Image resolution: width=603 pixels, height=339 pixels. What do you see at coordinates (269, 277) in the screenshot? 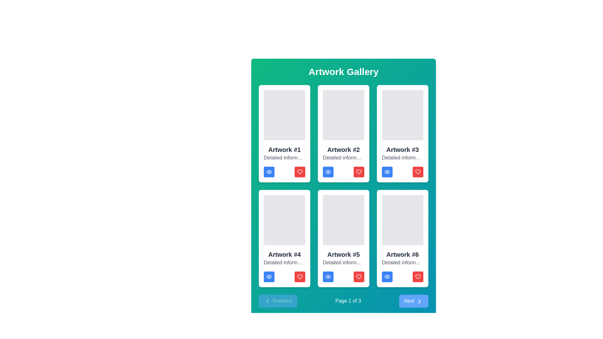
I see `the eye icon embedded within the interactive button located at the bottom-left of the 'Artwork #4' card to observe any tooltip or effect` at bounding box center [269, 277].